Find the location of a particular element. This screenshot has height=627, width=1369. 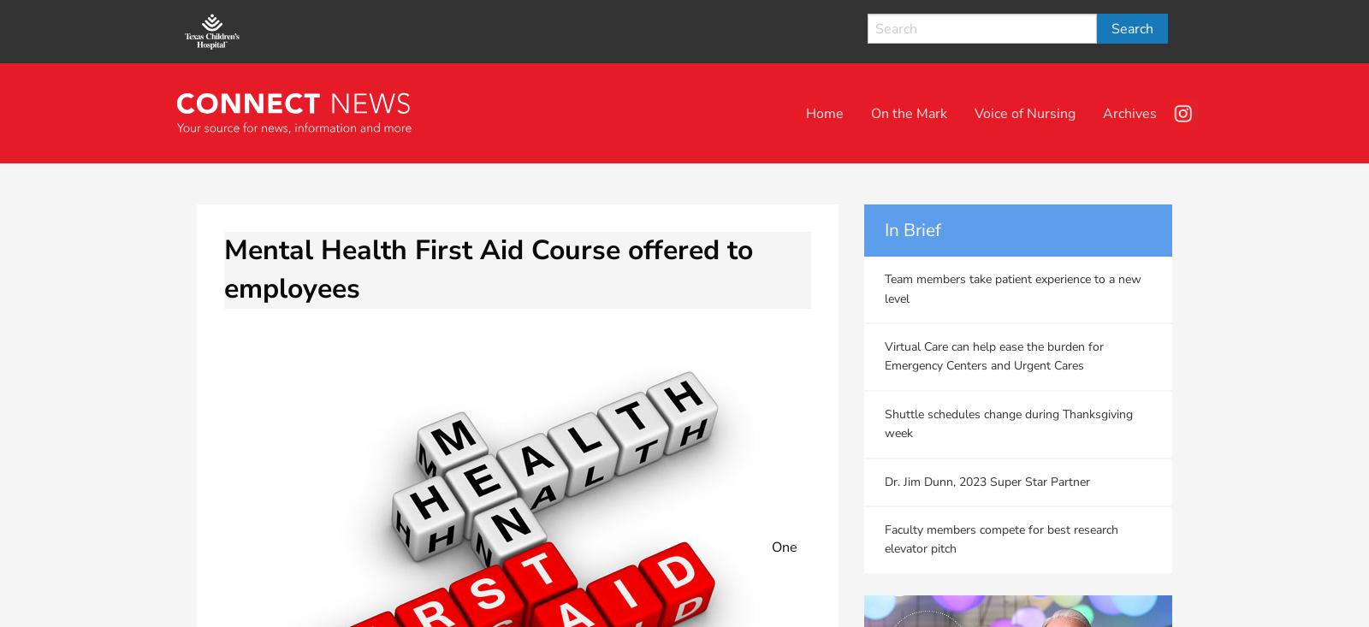

'In Brief' is located at coordinates (913, 230).